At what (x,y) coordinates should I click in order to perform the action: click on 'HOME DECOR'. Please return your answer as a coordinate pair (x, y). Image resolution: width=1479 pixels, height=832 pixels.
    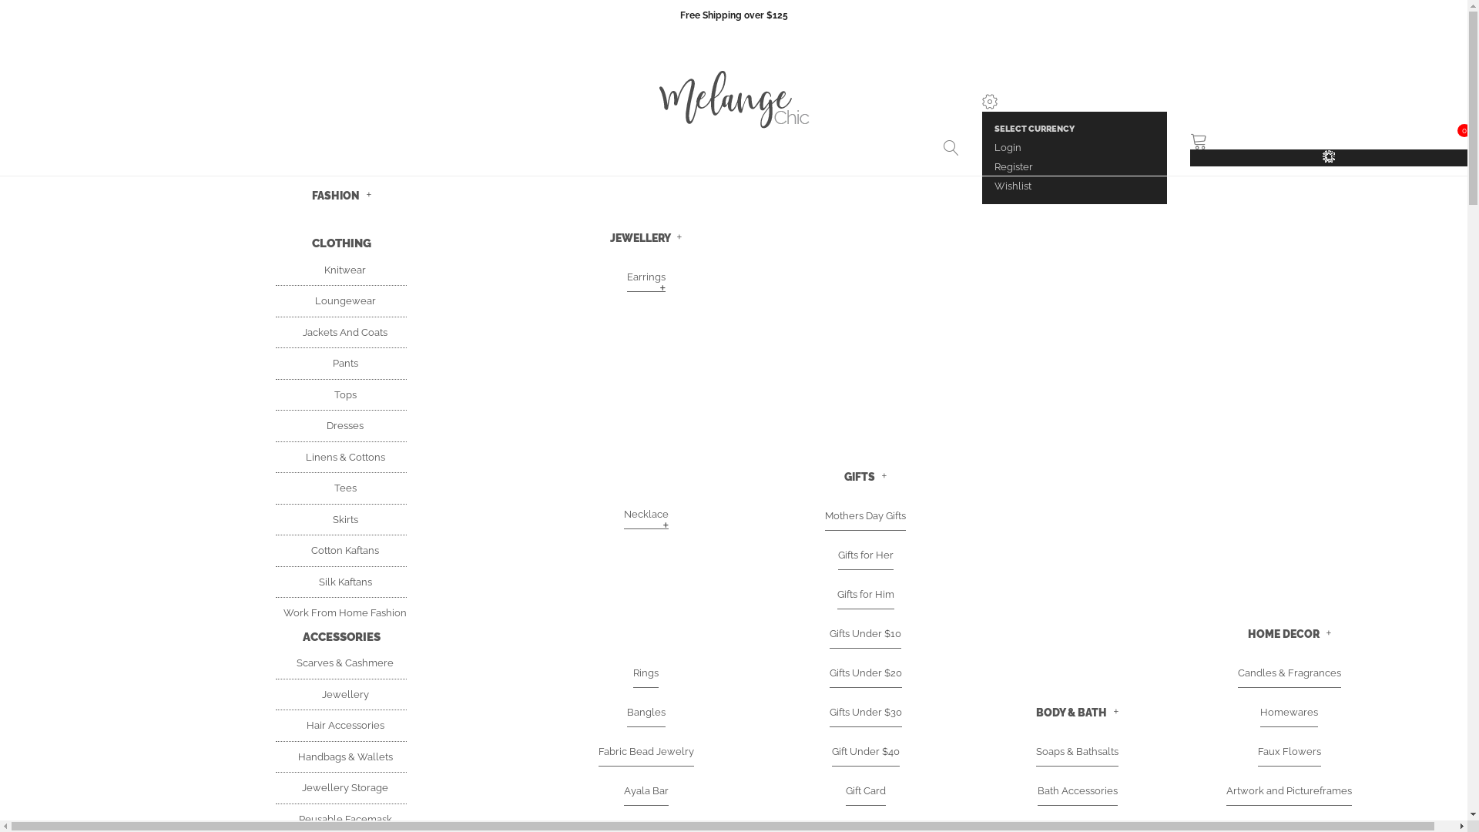
    Looking at the image, I should click on (1248, 633).